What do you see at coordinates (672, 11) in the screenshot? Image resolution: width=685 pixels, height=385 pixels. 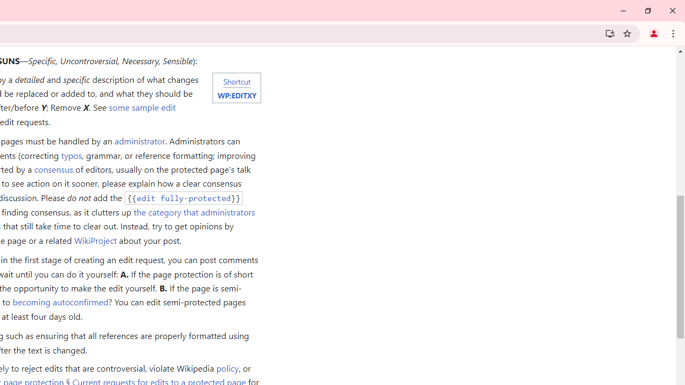 I see `'Close'` at bounding box center [672, 11].